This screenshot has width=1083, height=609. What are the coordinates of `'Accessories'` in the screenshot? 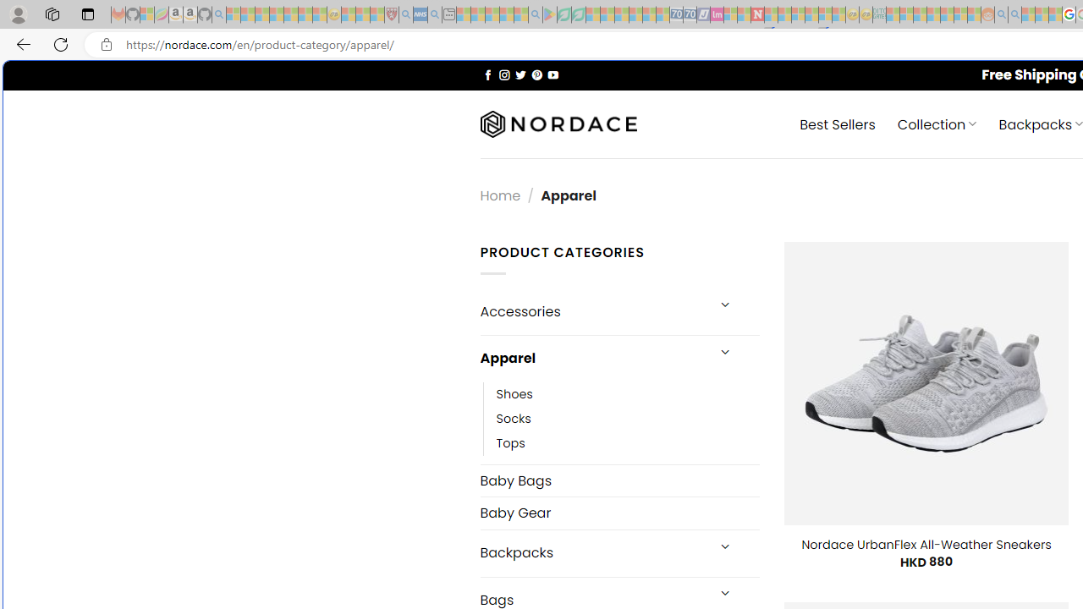 It's located at (592, 311).